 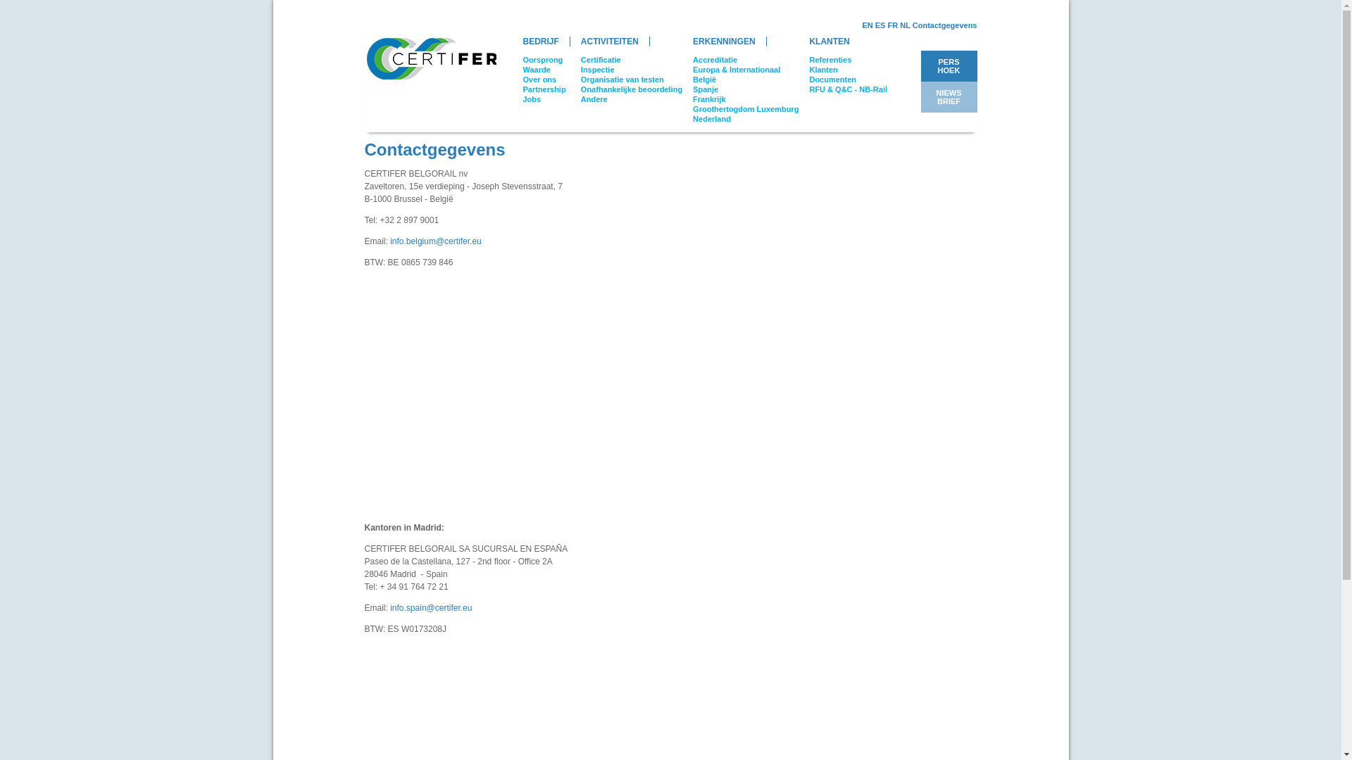 I want to click on 'Inspectie', so click(x=581, y=70).